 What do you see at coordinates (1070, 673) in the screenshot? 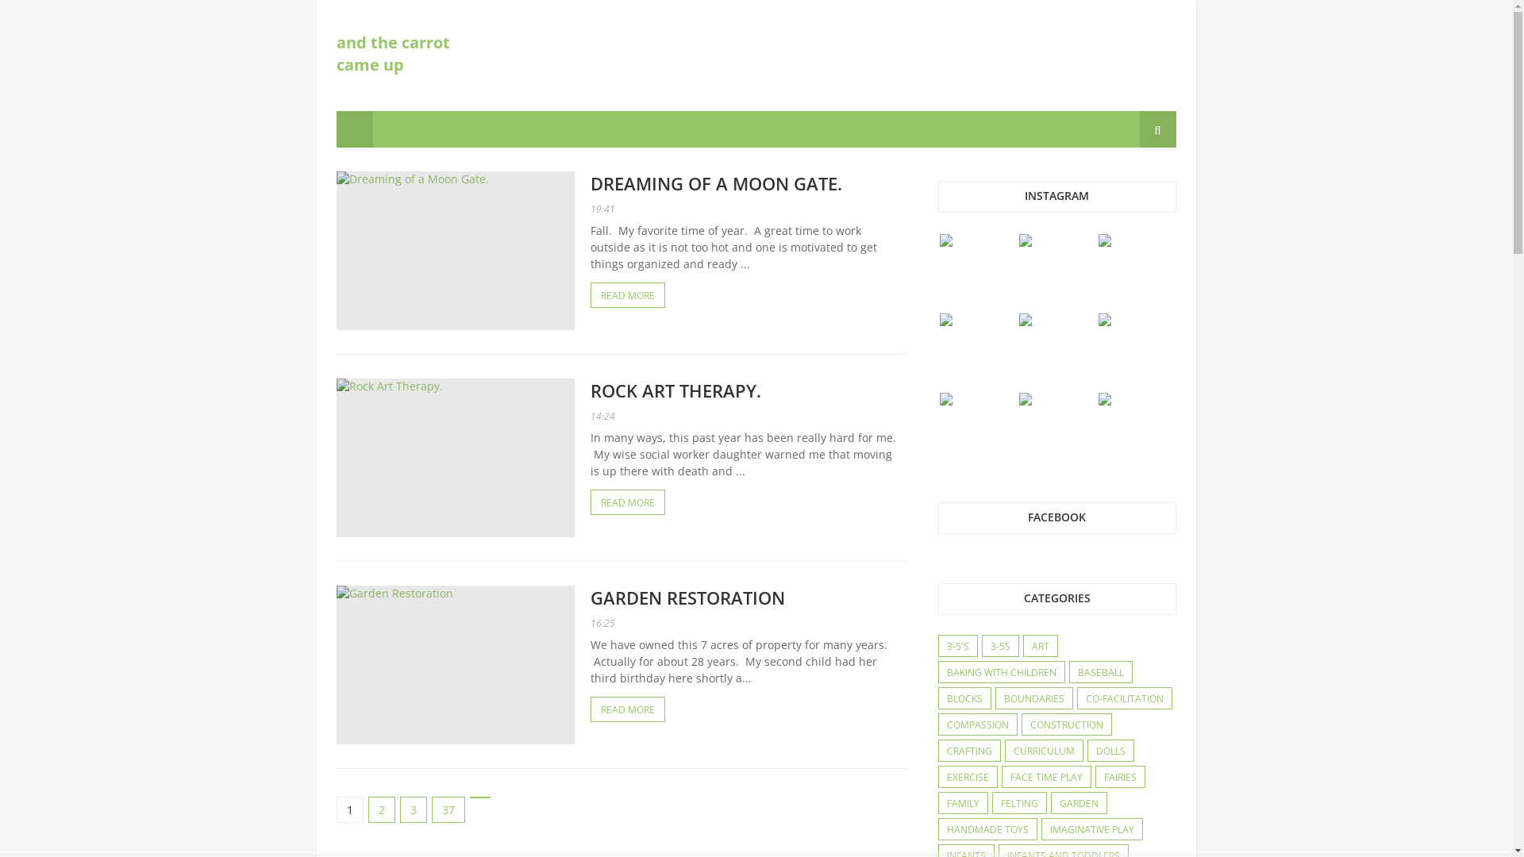
I see `'BASEBALL'` at bounding box center [1070, 673].